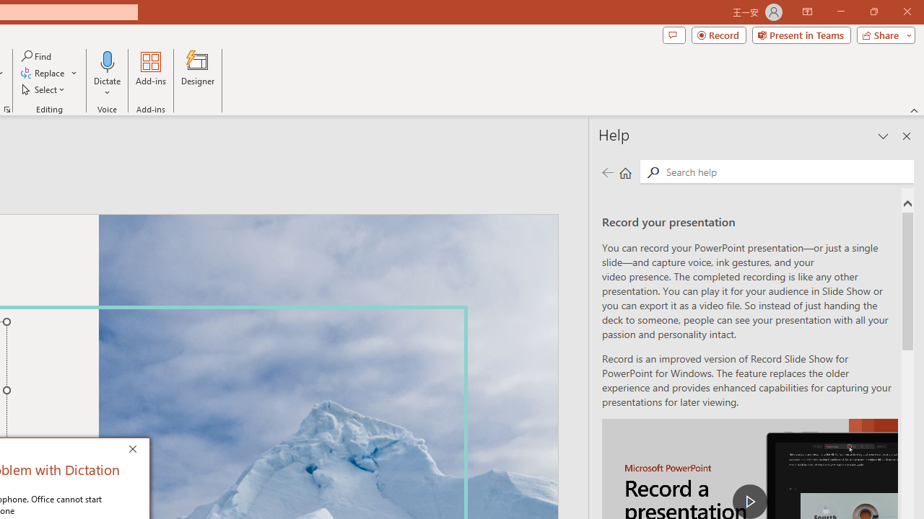 This screenshot has height=519, width=924. Describe the element at coordinates (883, 136) in the screenshot. I see `'Task Pane Options'` at that location.